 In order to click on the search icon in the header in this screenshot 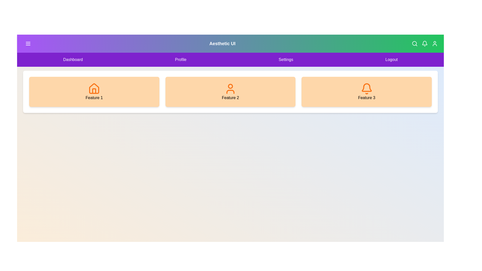, I will do `click(414, 43)`.